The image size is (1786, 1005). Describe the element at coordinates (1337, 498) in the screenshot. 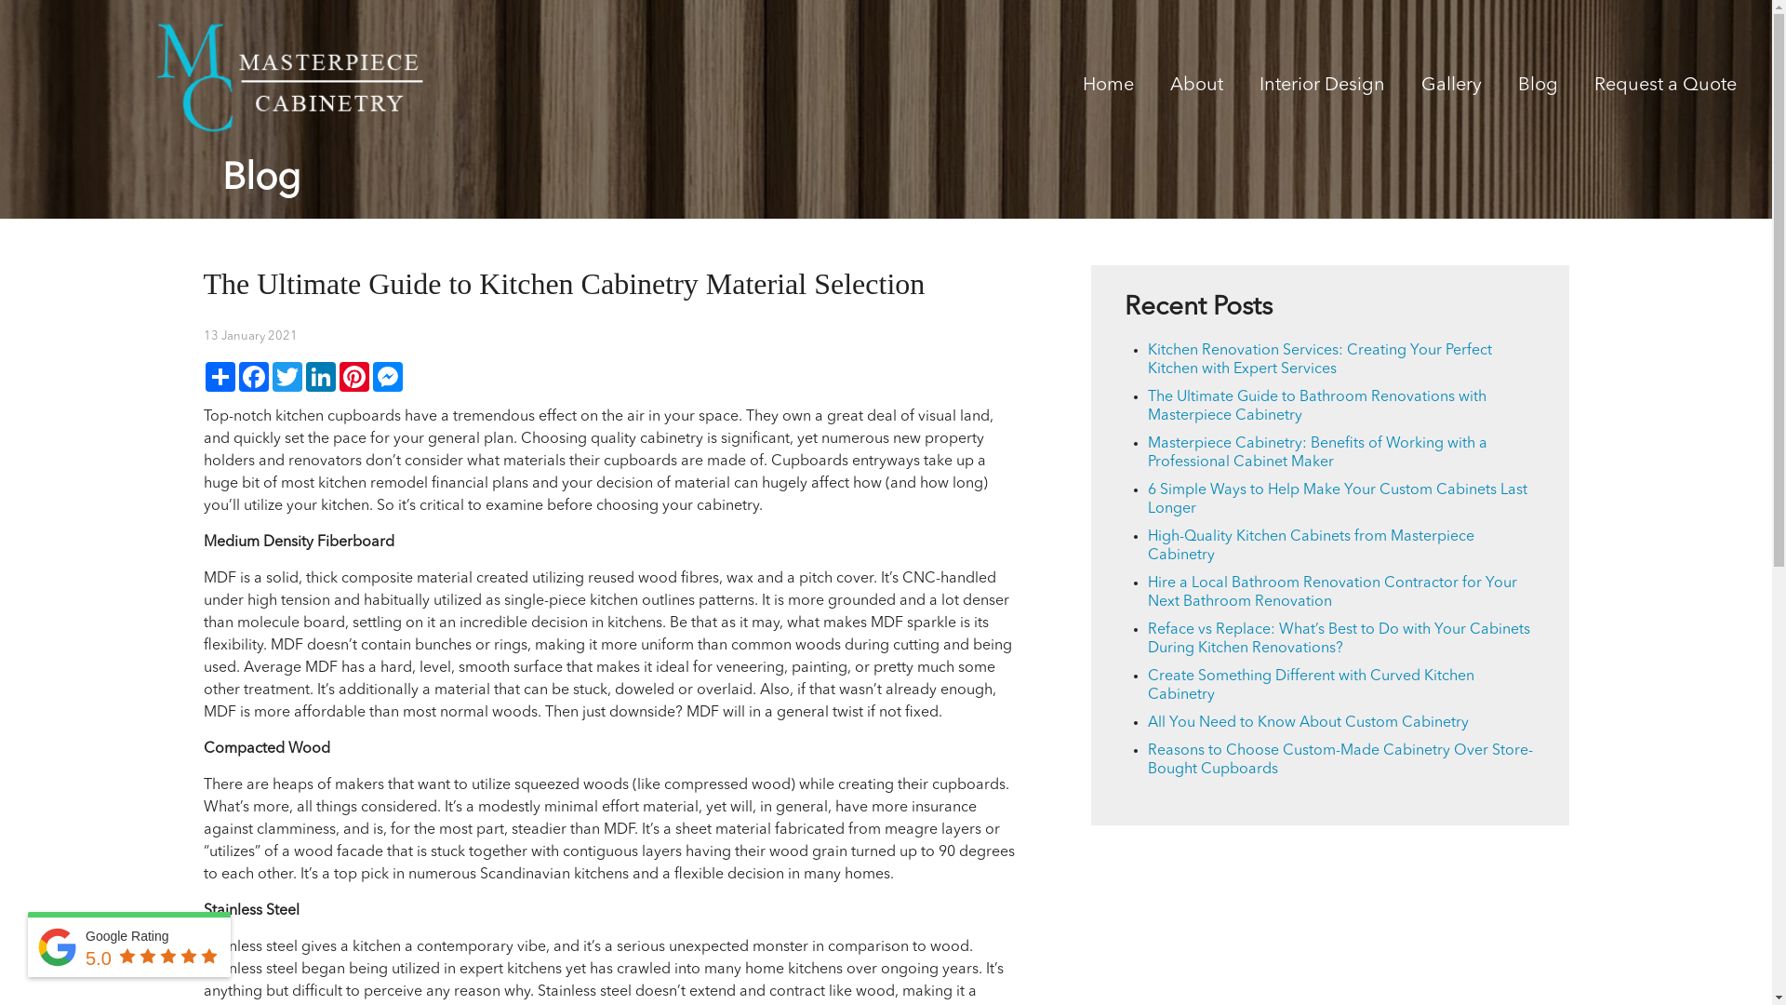

I see `'6 Simple Ways to Help Make Your Custom Cabinets Last Longer'` at that location.